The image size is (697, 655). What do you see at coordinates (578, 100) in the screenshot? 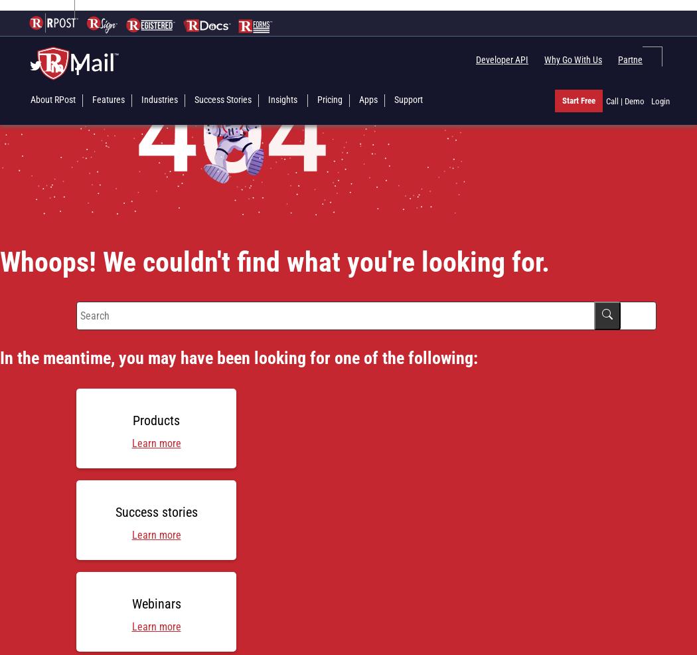
I see `'Start Free'` at bounding box center [578, 100].